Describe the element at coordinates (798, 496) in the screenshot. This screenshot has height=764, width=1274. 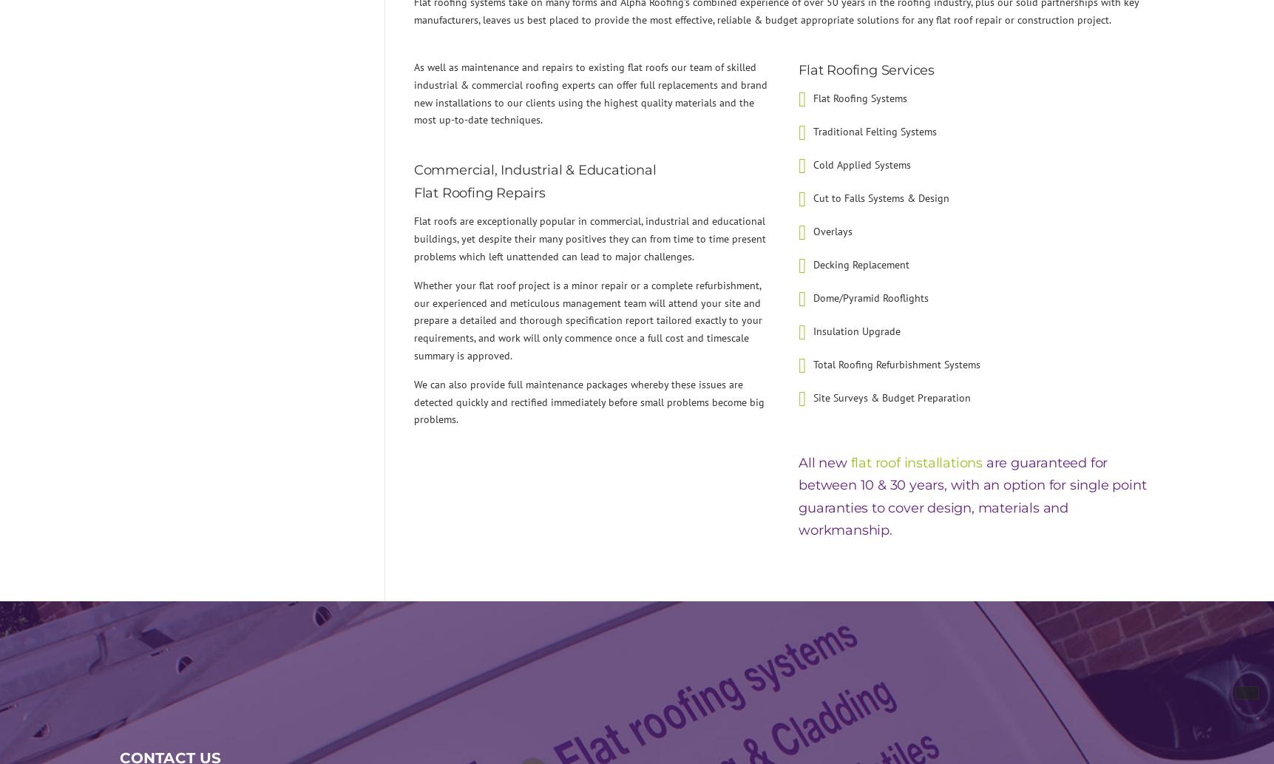
I see `'are guaranteed for between 10 & 30 years, with an option for single point guaranties to cover design, materials and workmanship.'` at that location.